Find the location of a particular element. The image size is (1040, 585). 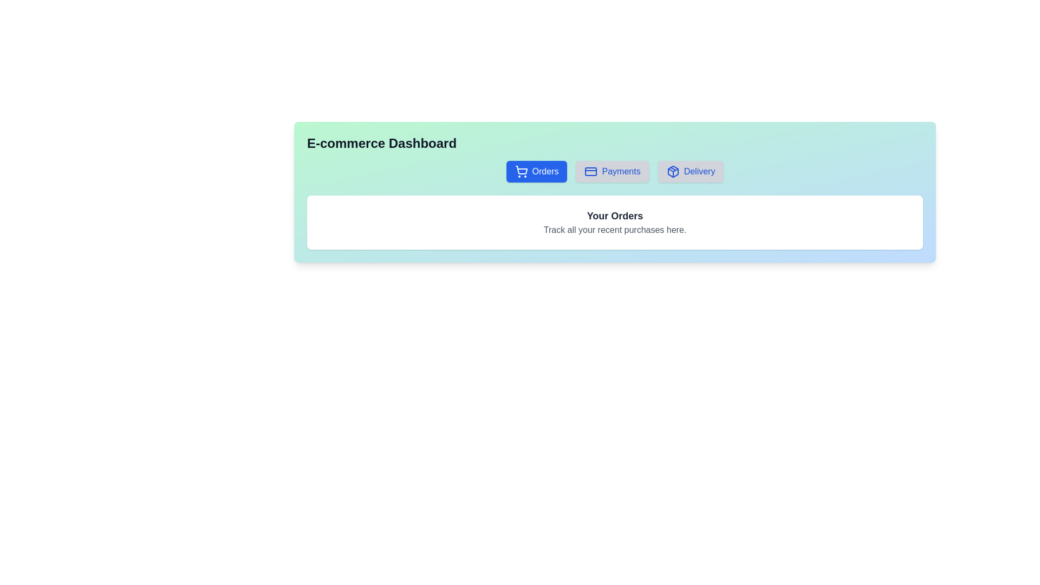

the 'Delivery' button, which is a rectangular button with a light gray background and an icon of a package box is located at coordinates (690, 171).